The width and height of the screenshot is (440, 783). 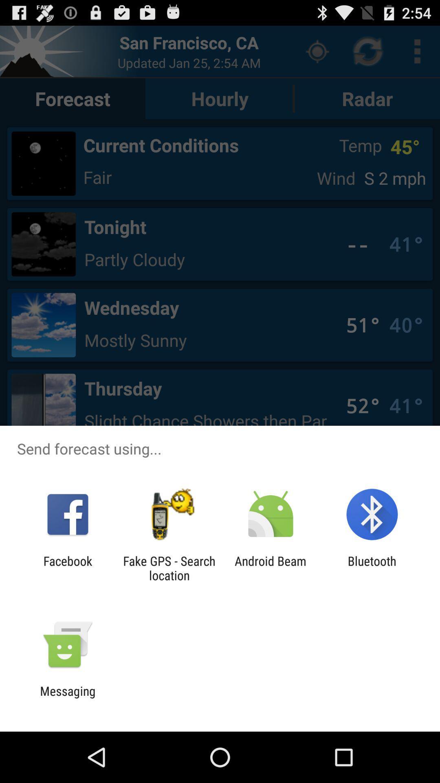 I want to click on item next to the bluetooth item, so click(x=271, y=568).